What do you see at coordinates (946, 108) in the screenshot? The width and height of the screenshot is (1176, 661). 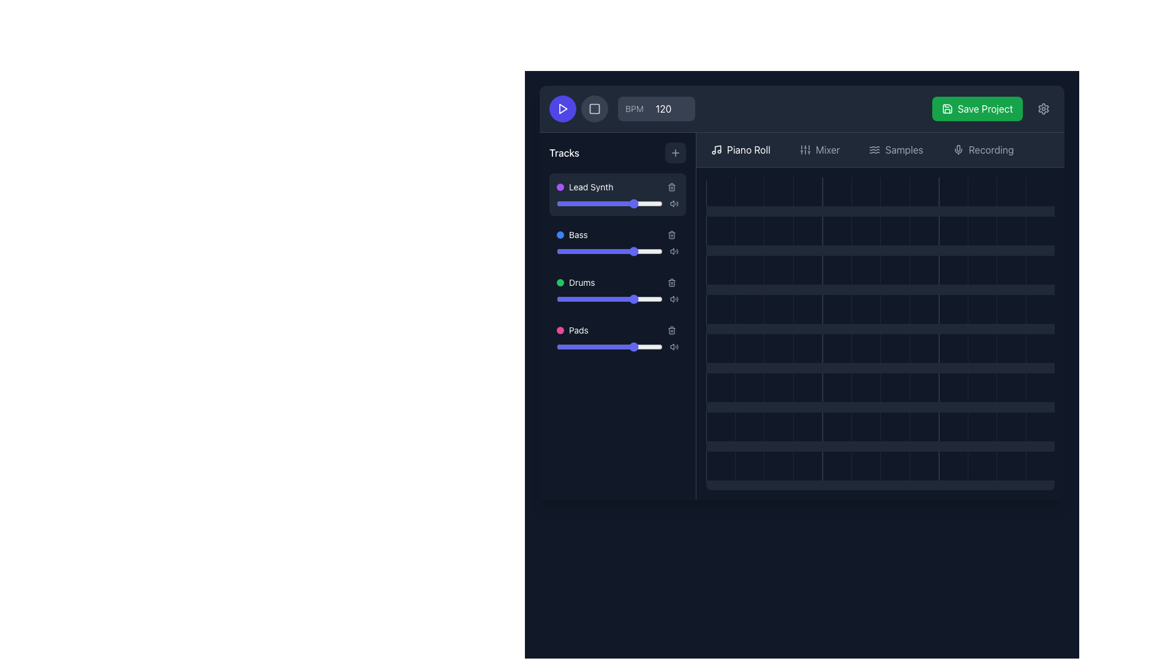 I see `the 'save' icon within the 'Save Project' button located at the top-right corner of the interface` at bounding box center [946, 108].